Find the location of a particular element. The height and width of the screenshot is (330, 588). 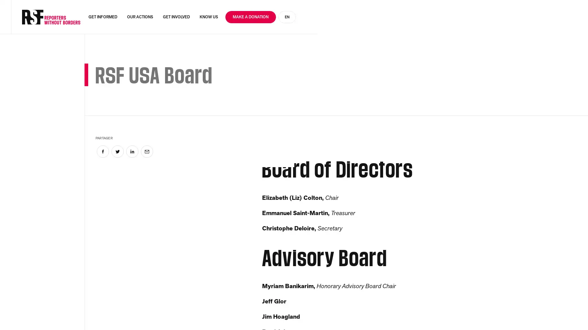

Accept everything is located at coordinates (372, 314).